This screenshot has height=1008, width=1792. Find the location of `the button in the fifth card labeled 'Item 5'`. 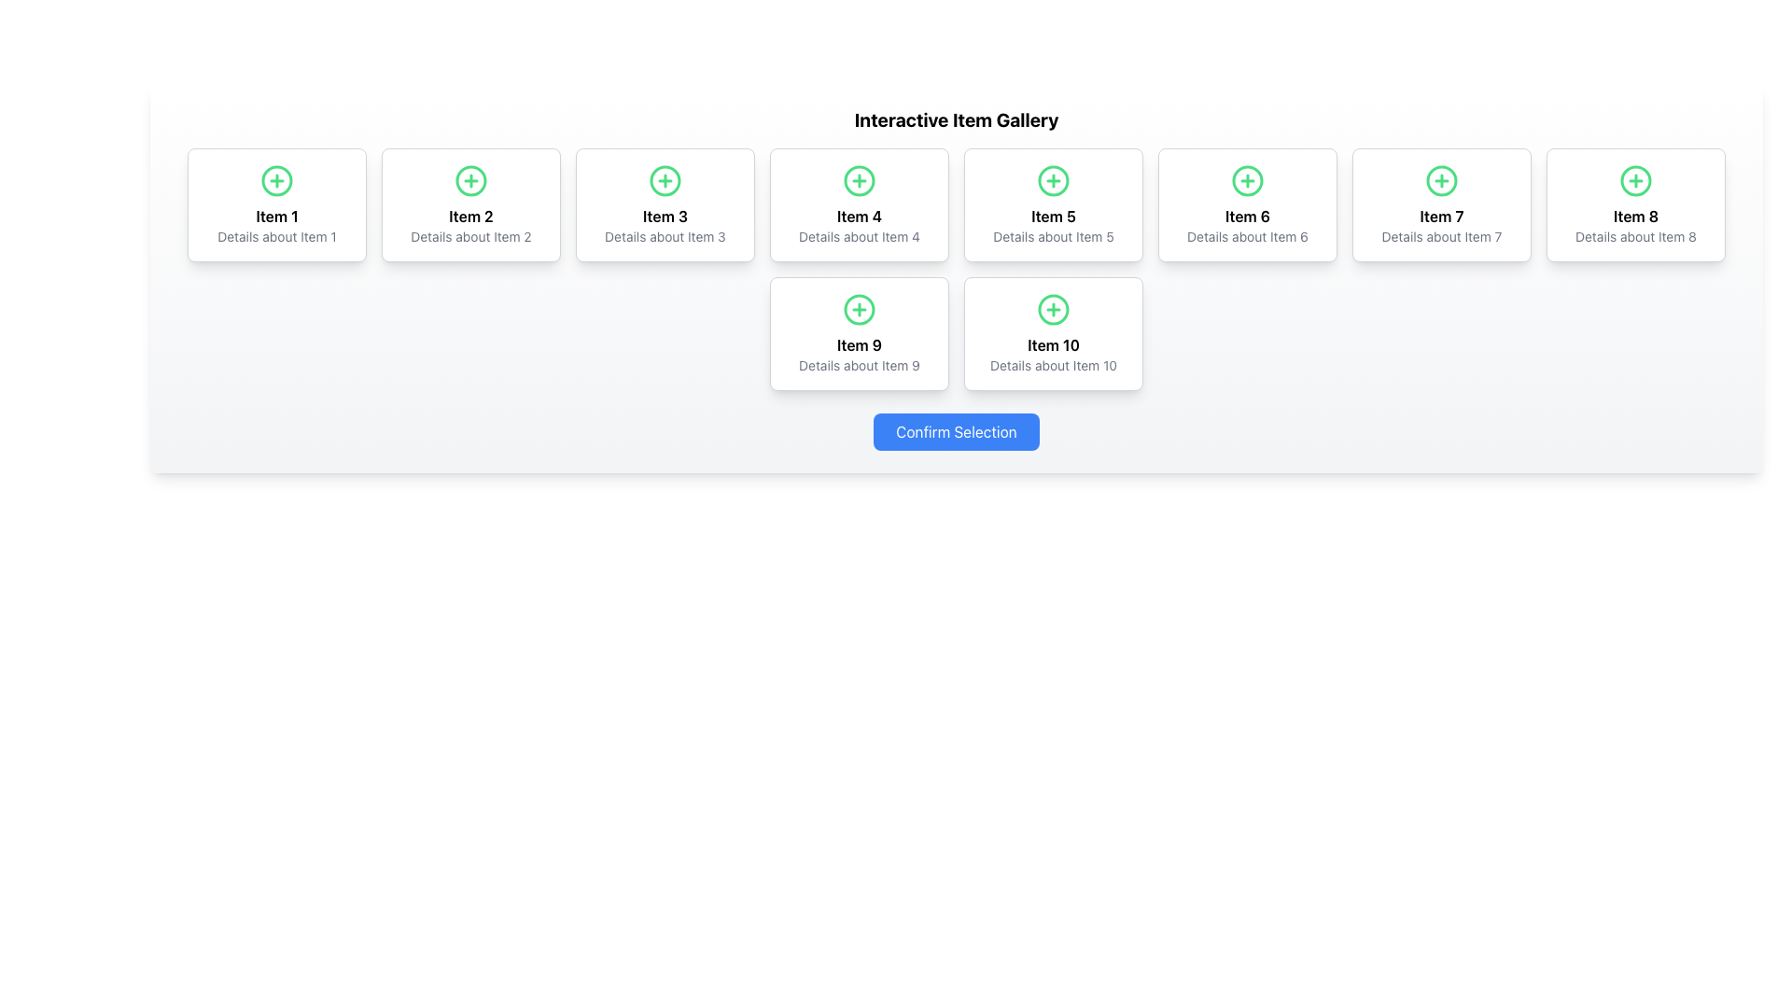

the button in the fifth card labeled 'Item 5' is located at coordinates (1053, 180).